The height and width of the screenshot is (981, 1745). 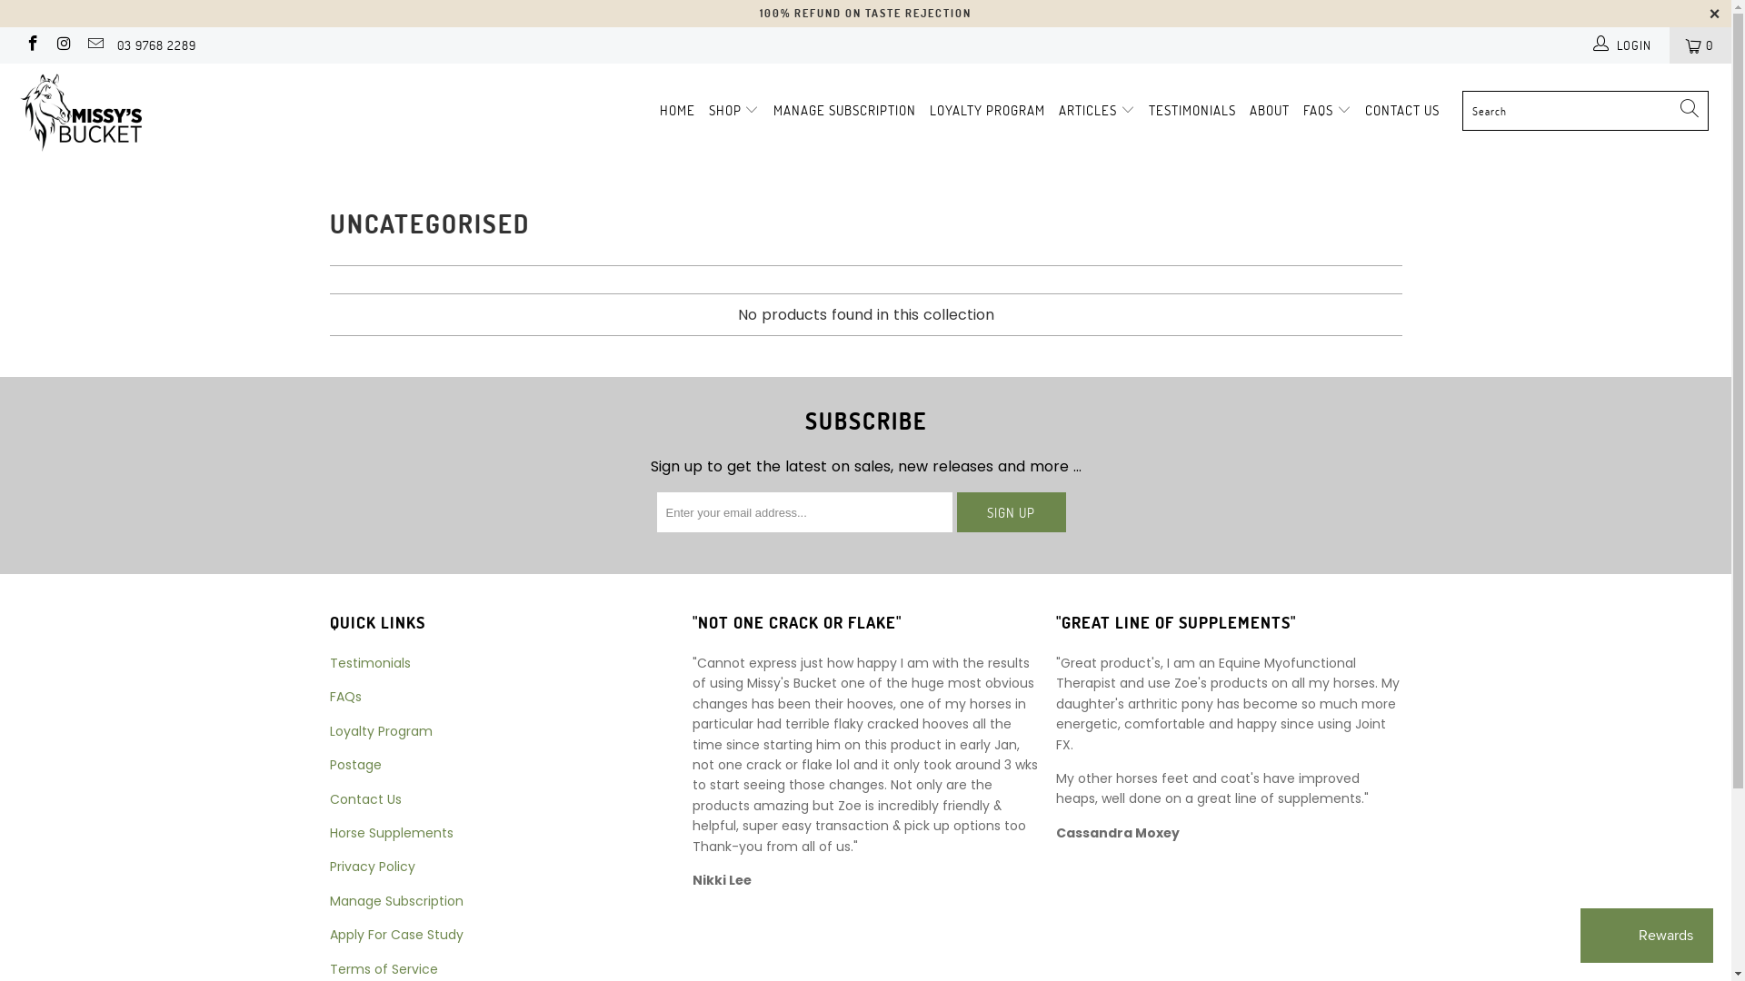 I want to click on 'ABOUT', so click(x=1248, y=111).